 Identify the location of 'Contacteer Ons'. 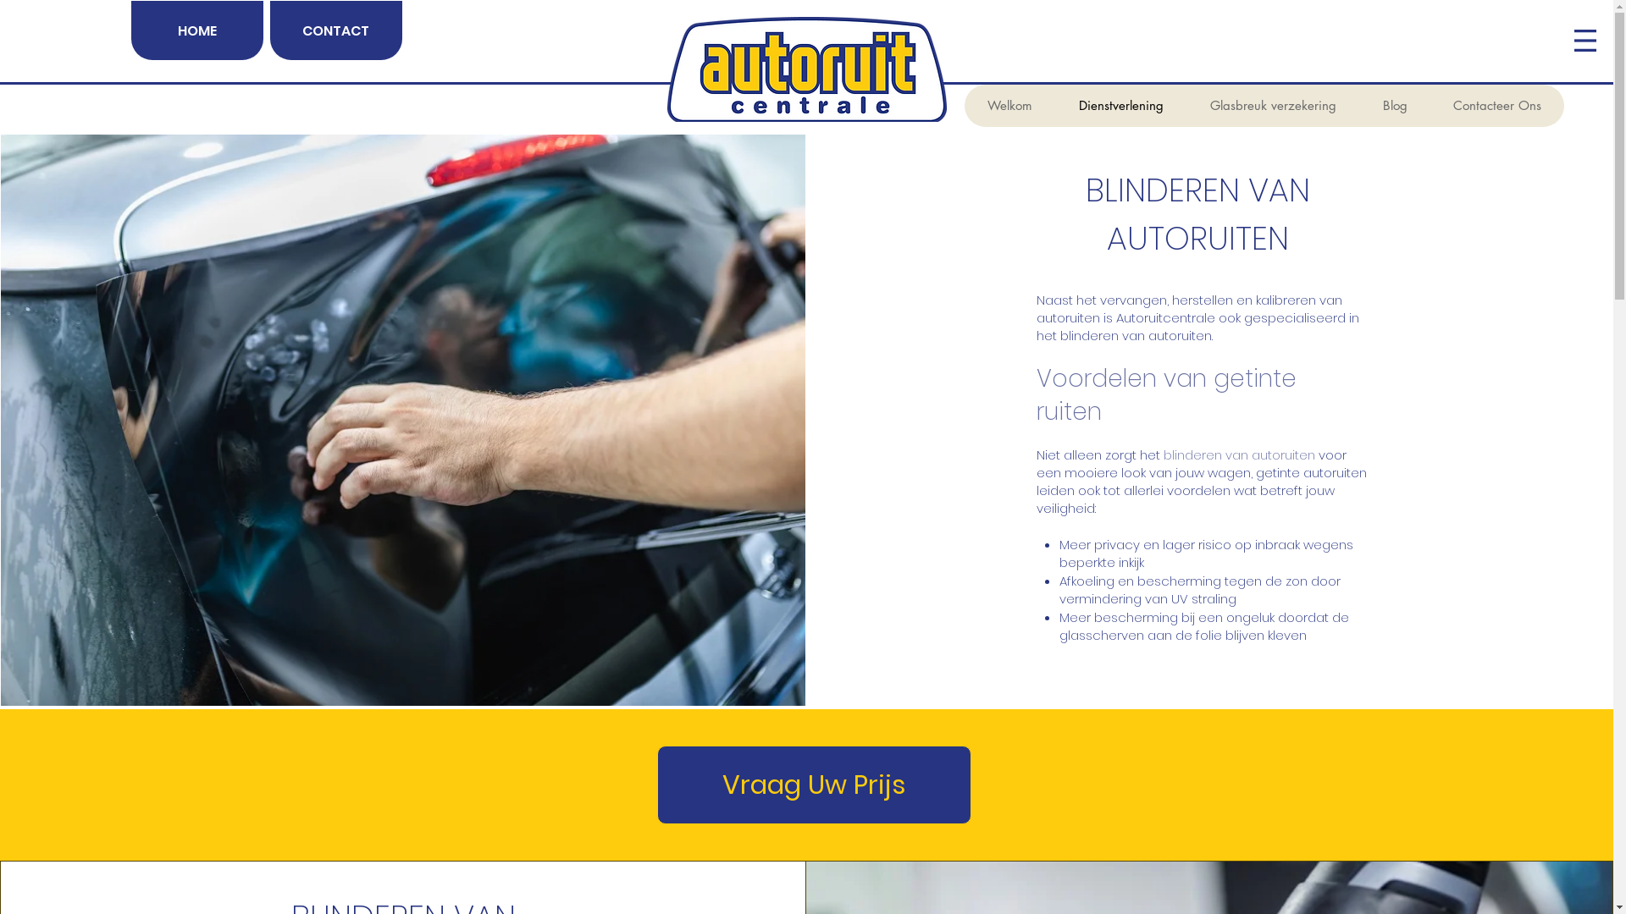
(1496, 105).